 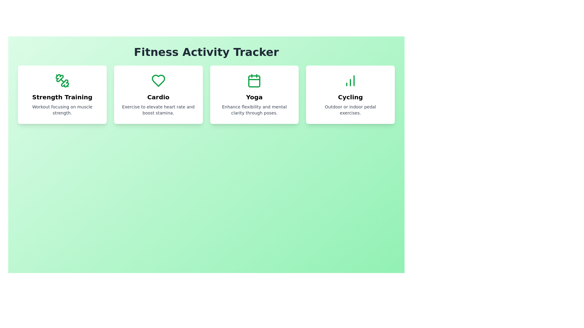 I want to click on the yoga activity card component, so click(x=254, y=95).